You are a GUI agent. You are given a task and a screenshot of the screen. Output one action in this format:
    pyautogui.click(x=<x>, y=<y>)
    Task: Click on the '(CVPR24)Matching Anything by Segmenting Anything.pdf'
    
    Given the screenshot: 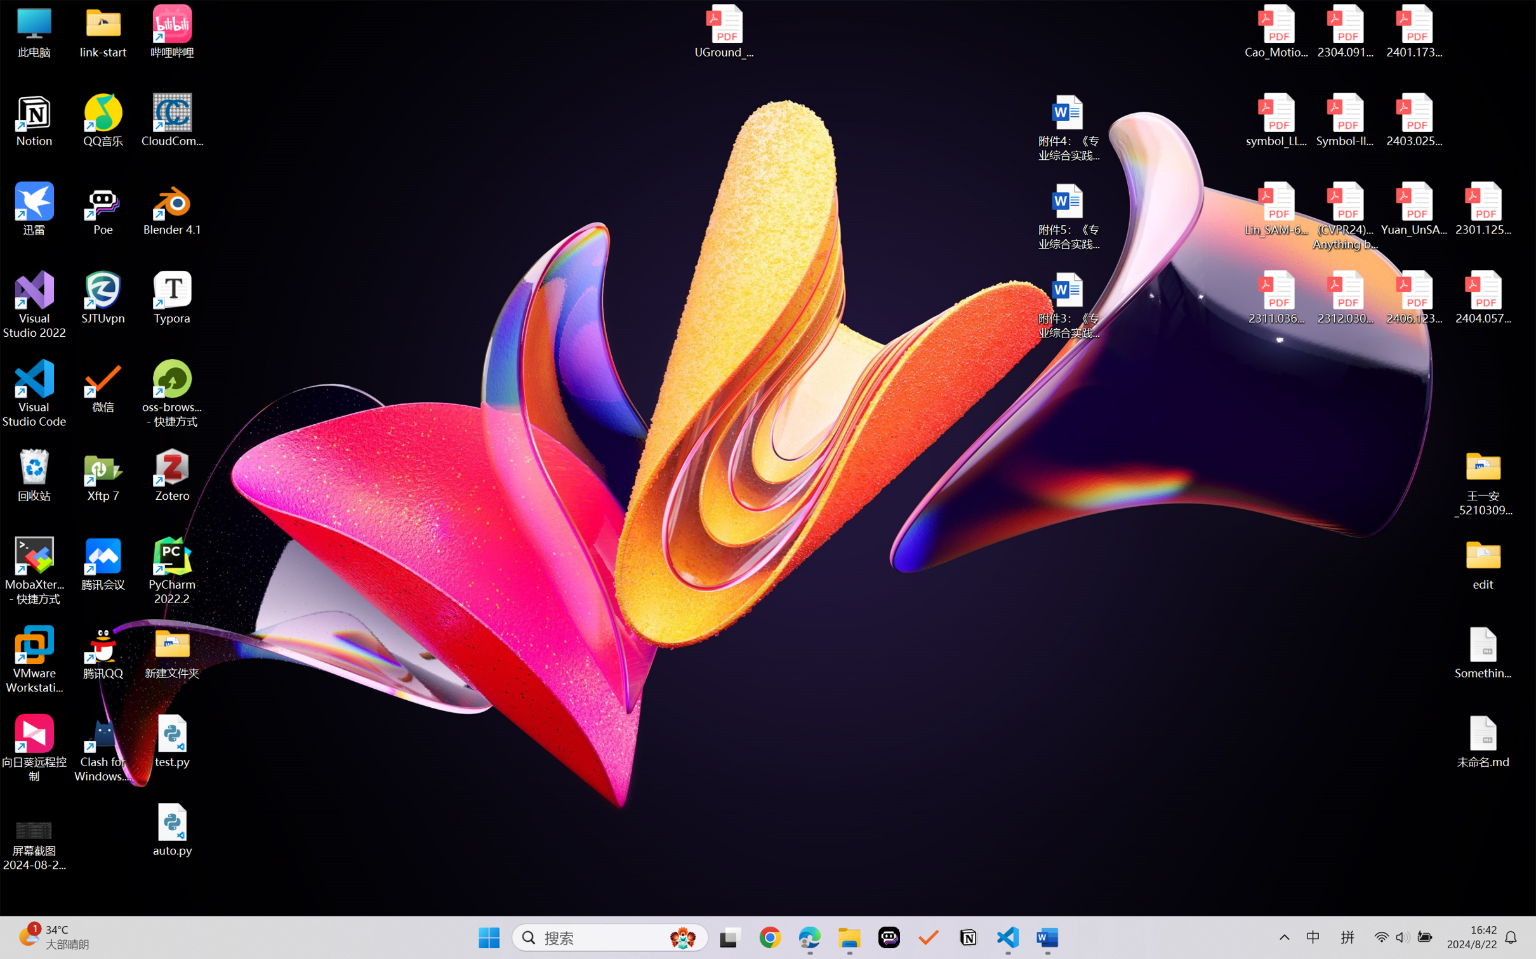 What is the action you would take?
    pyautogui.click(x=1344, y=216)
    